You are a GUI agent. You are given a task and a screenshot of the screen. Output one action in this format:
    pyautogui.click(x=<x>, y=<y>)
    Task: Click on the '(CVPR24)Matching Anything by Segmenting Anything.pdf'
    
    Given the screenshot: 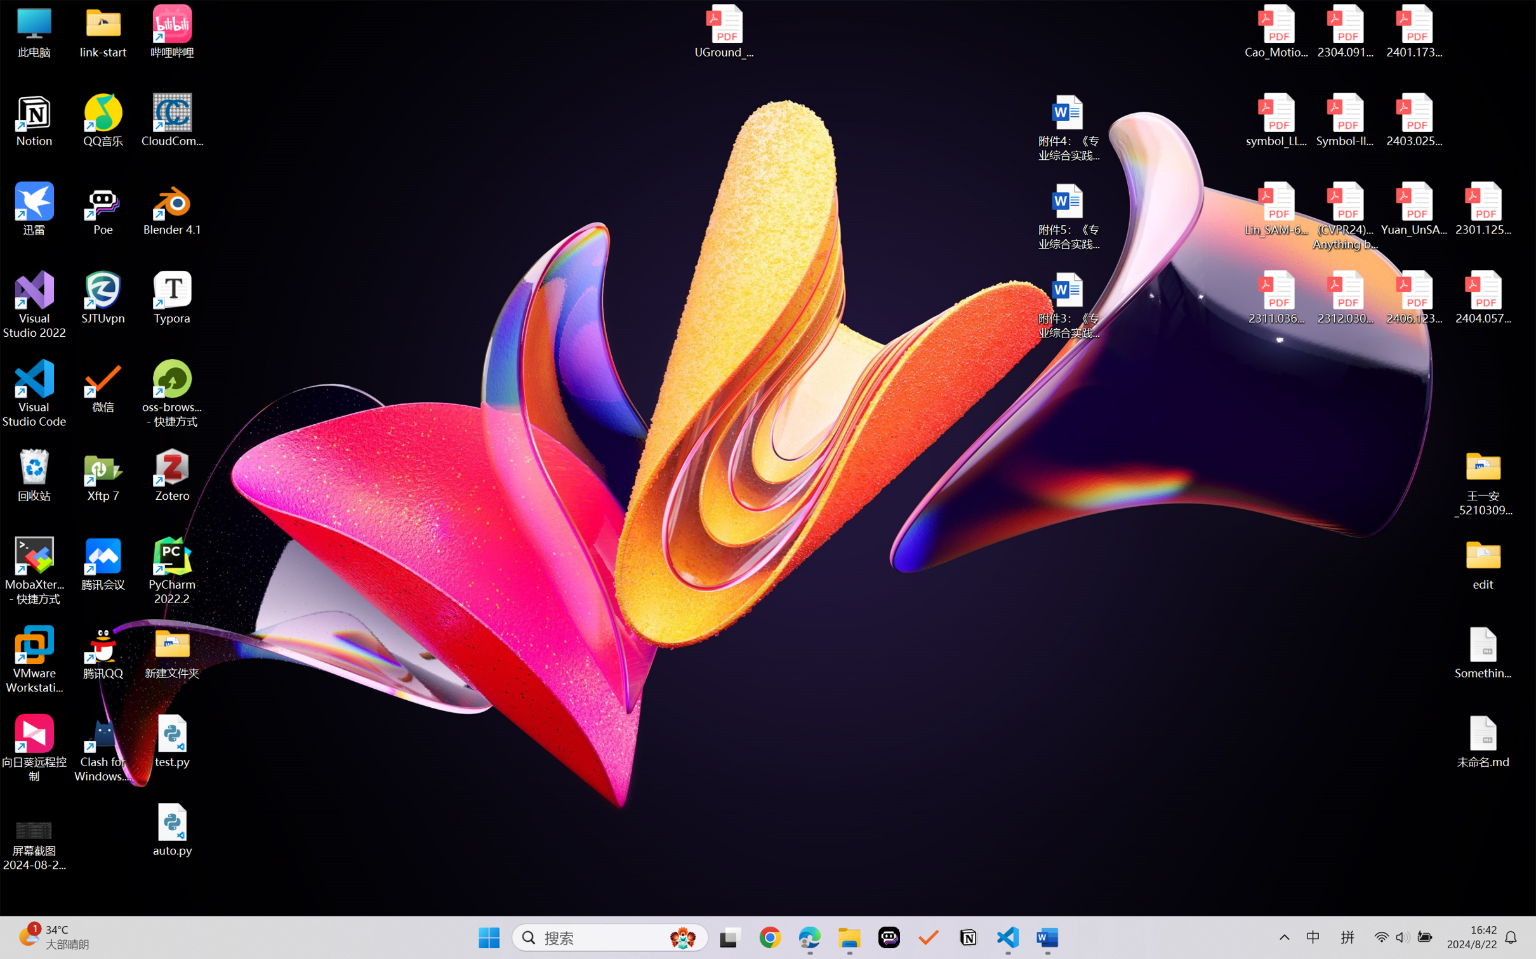 What is the action you would take?
    pyautogui.click(x=1344, y=216)
    